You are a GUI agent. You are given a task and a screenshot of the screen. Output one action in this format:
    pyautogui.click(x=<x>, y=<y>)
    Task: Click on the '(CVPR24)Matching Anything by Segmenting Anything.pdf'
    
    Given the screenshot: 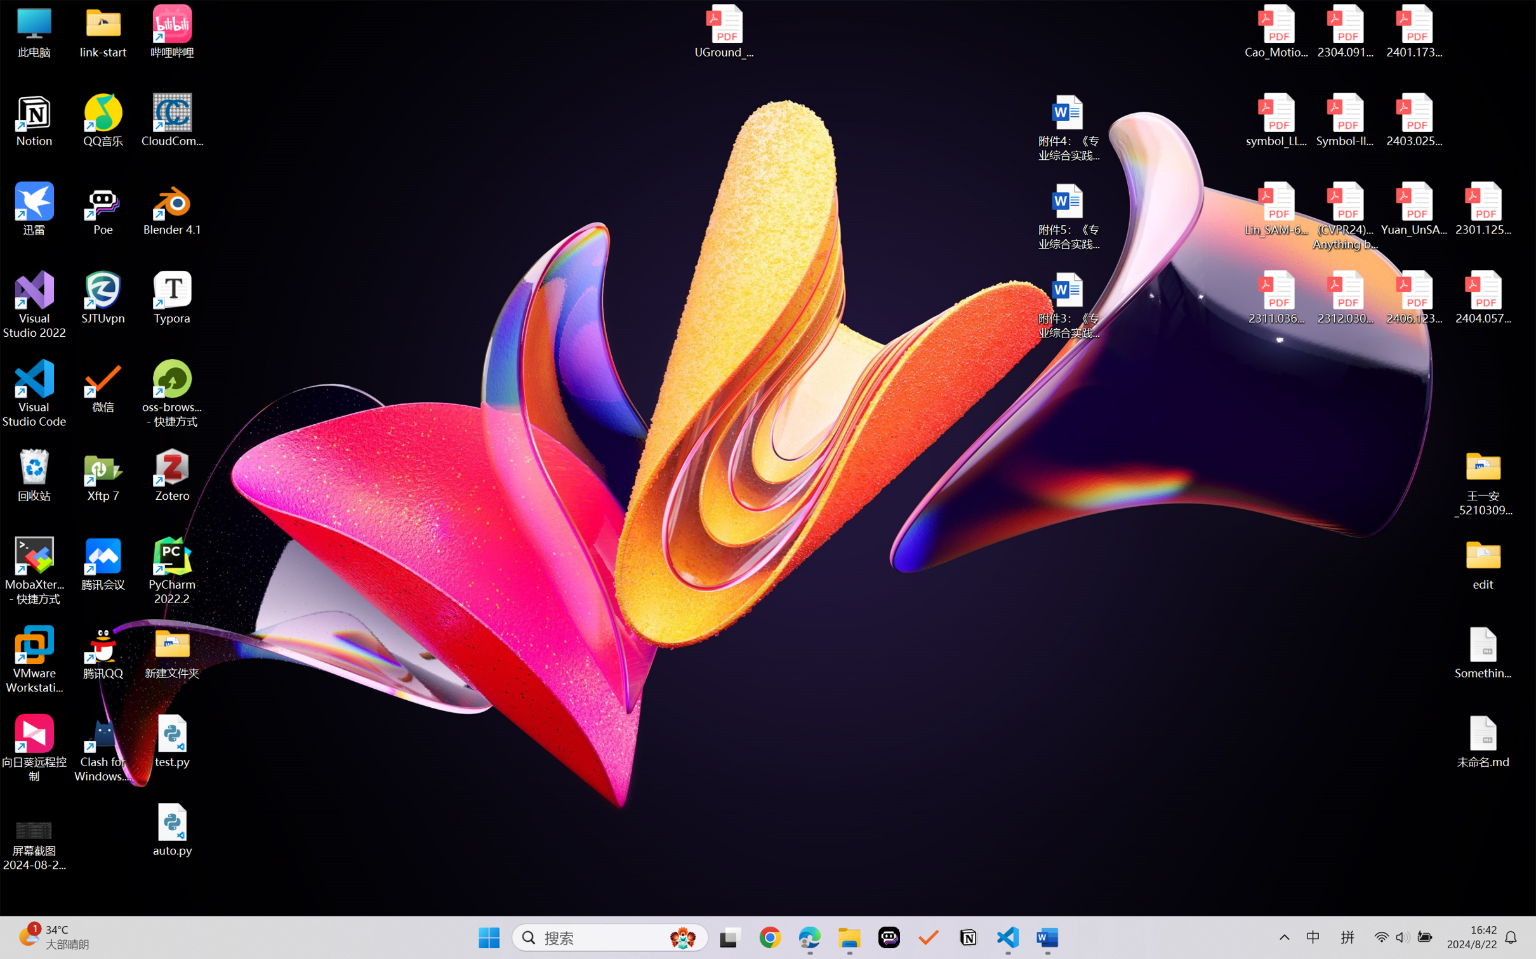 What is the action you would take?
    pyautogui.click(x=1344, y=216)
    